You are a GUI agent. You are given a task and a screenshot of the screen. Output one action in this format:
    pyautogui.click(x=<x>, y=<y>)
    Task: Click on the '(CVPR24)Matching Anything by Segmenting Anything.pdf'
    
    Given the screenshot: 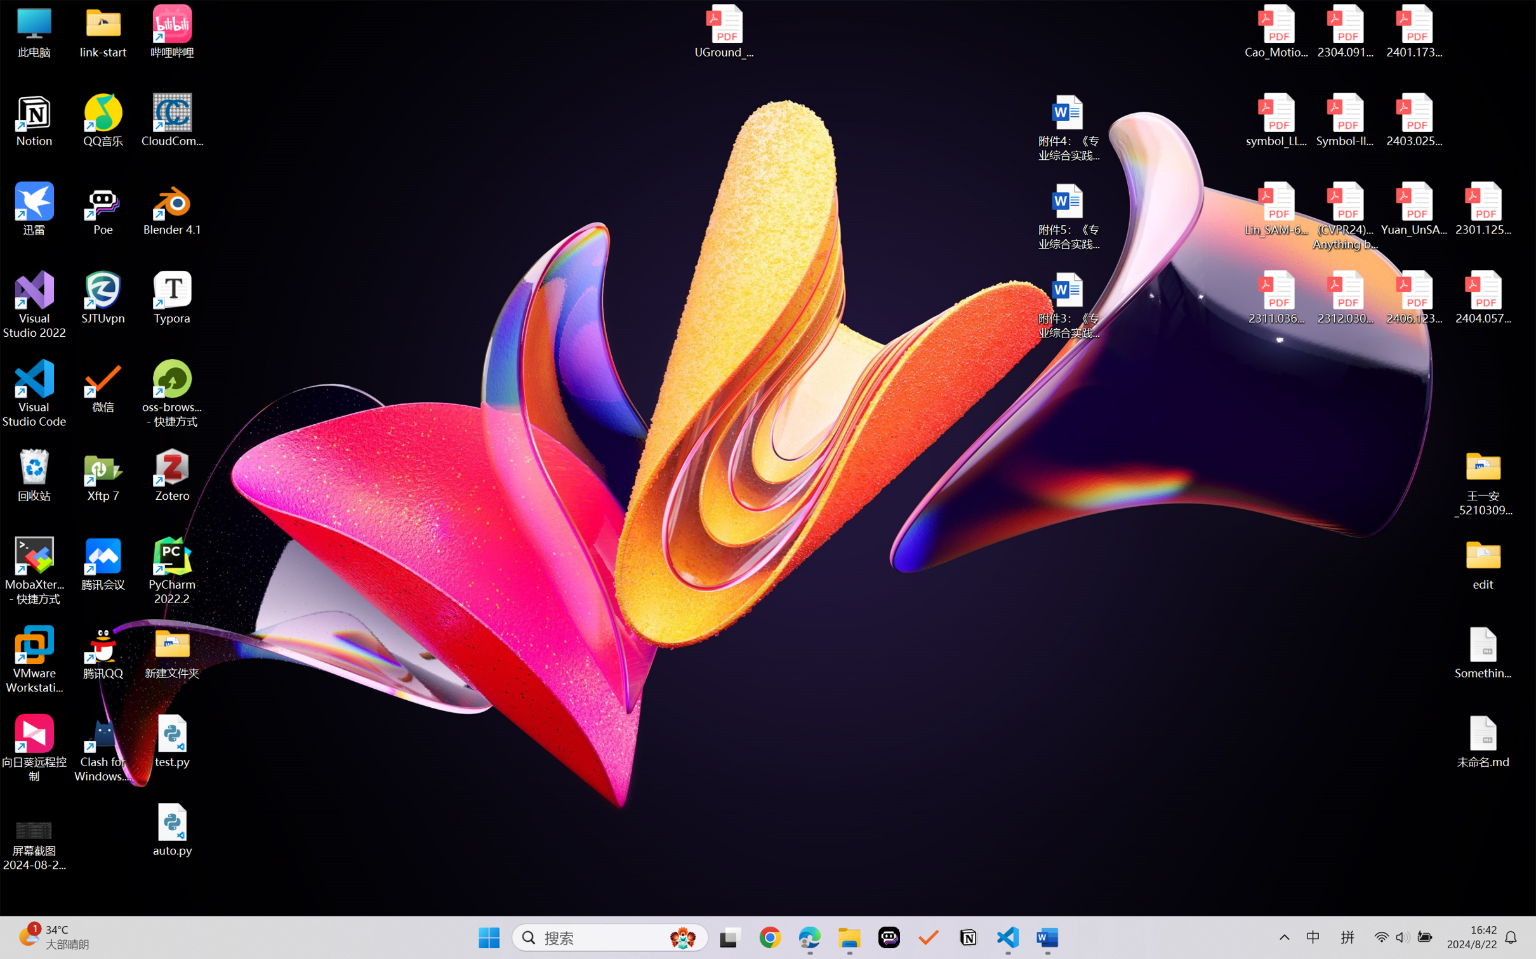 What is the action you would take?
    pyautogui.click(x=1344, y=216)
    